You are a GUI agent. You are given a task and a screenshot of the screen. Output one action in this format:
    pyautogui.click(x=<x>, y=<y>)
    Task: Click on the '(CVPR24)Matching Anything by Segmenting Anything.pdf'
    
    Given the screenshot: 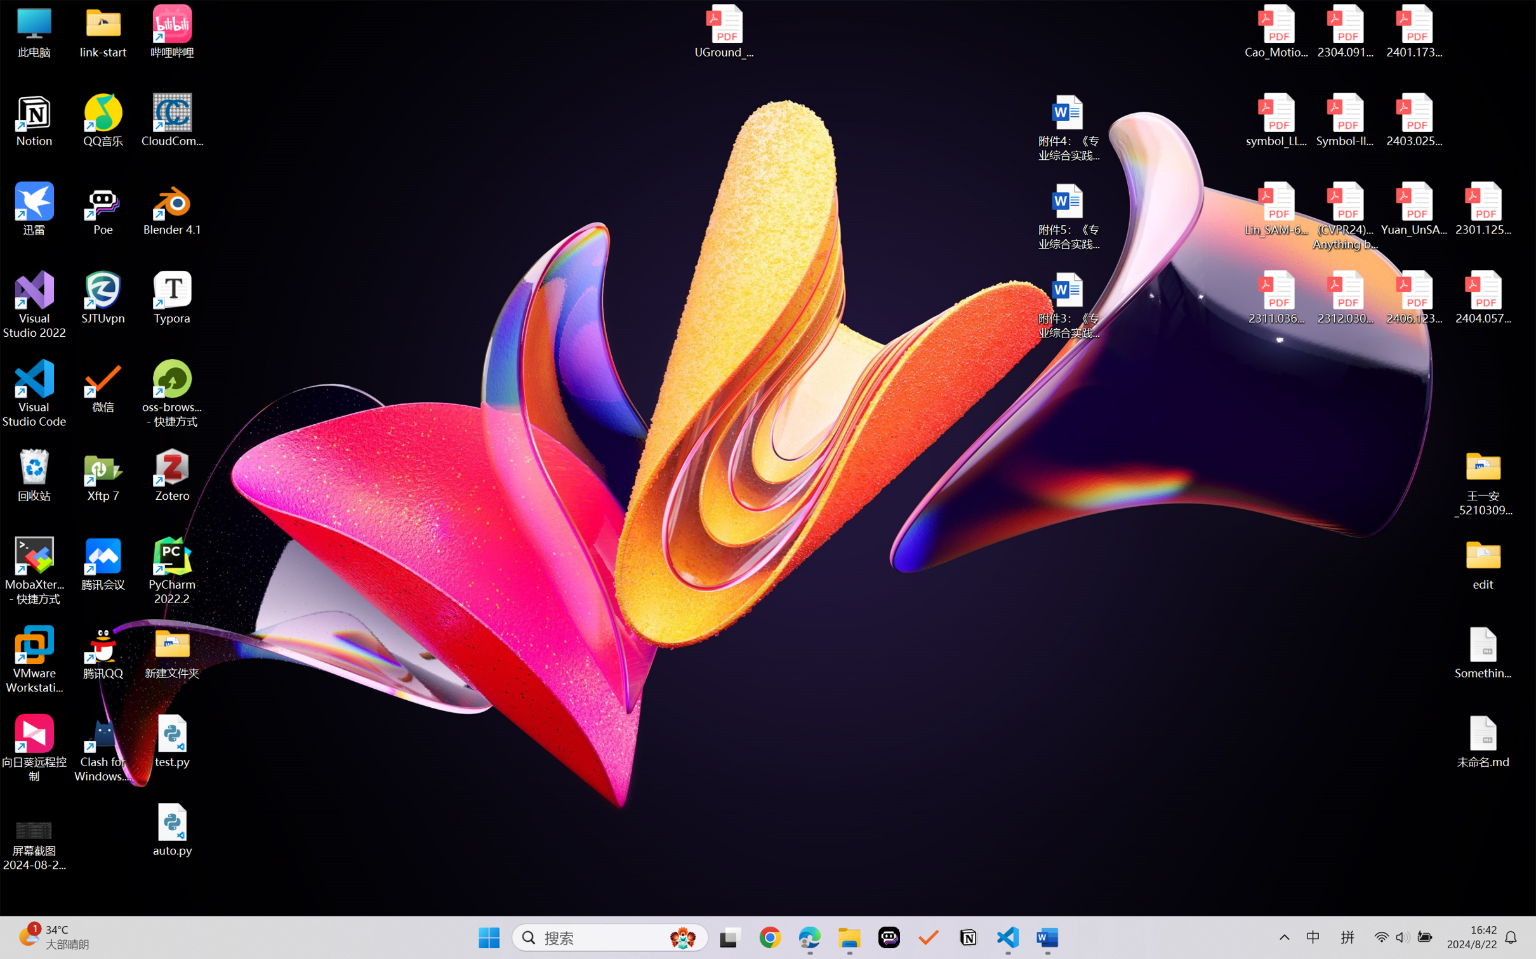 What is the action you would take?
    pyautogui.click(x=1344, y=216)
    